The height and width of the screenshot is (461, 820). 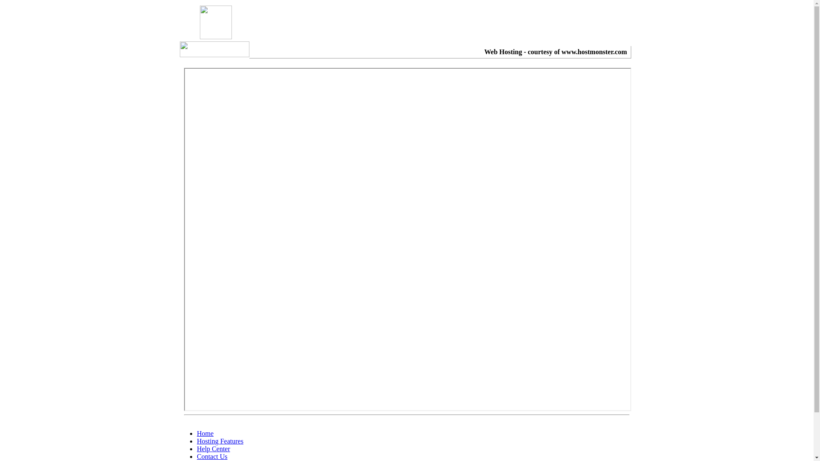 I want to click on 'Help Center', so click(x=213, y=448).